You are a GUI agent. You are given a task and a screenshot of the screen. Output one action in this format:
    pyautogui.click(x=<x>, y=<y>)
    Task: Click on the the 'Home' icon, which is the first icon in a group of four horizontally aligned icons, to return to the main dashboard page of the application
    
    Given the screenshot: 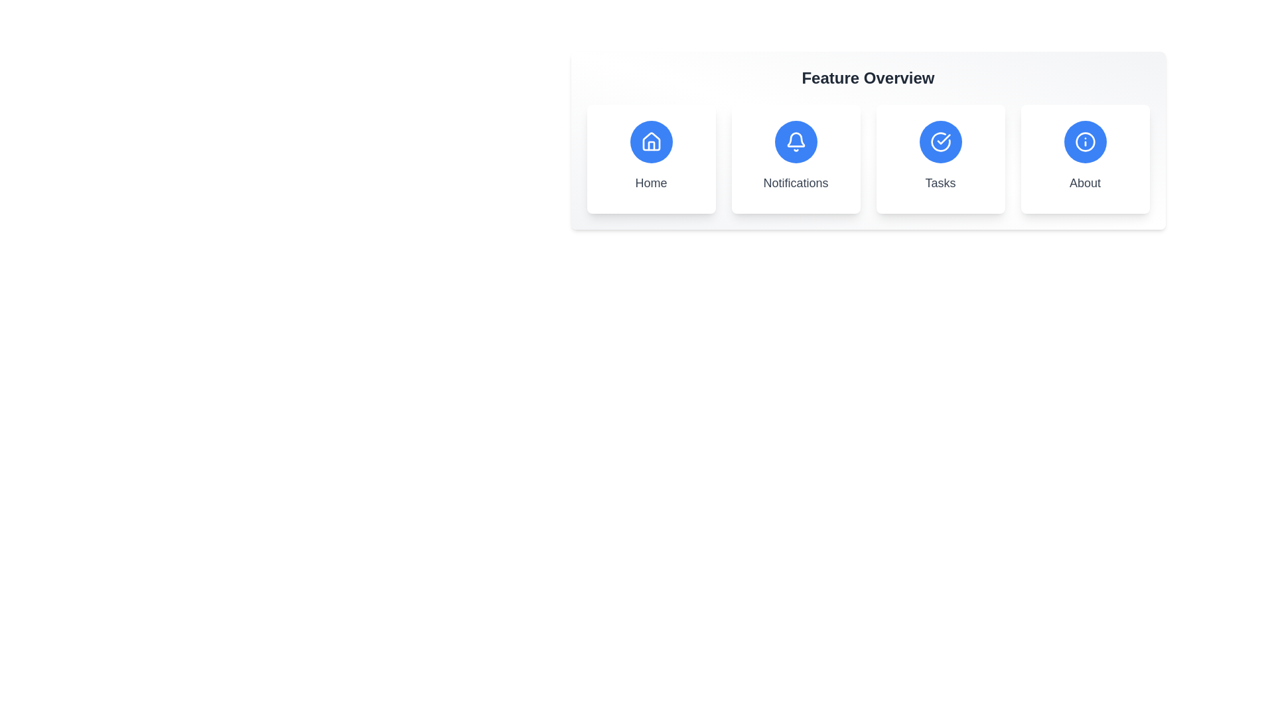 What is the action you would take?
    pyautogui.click(x=651, y=141)
    